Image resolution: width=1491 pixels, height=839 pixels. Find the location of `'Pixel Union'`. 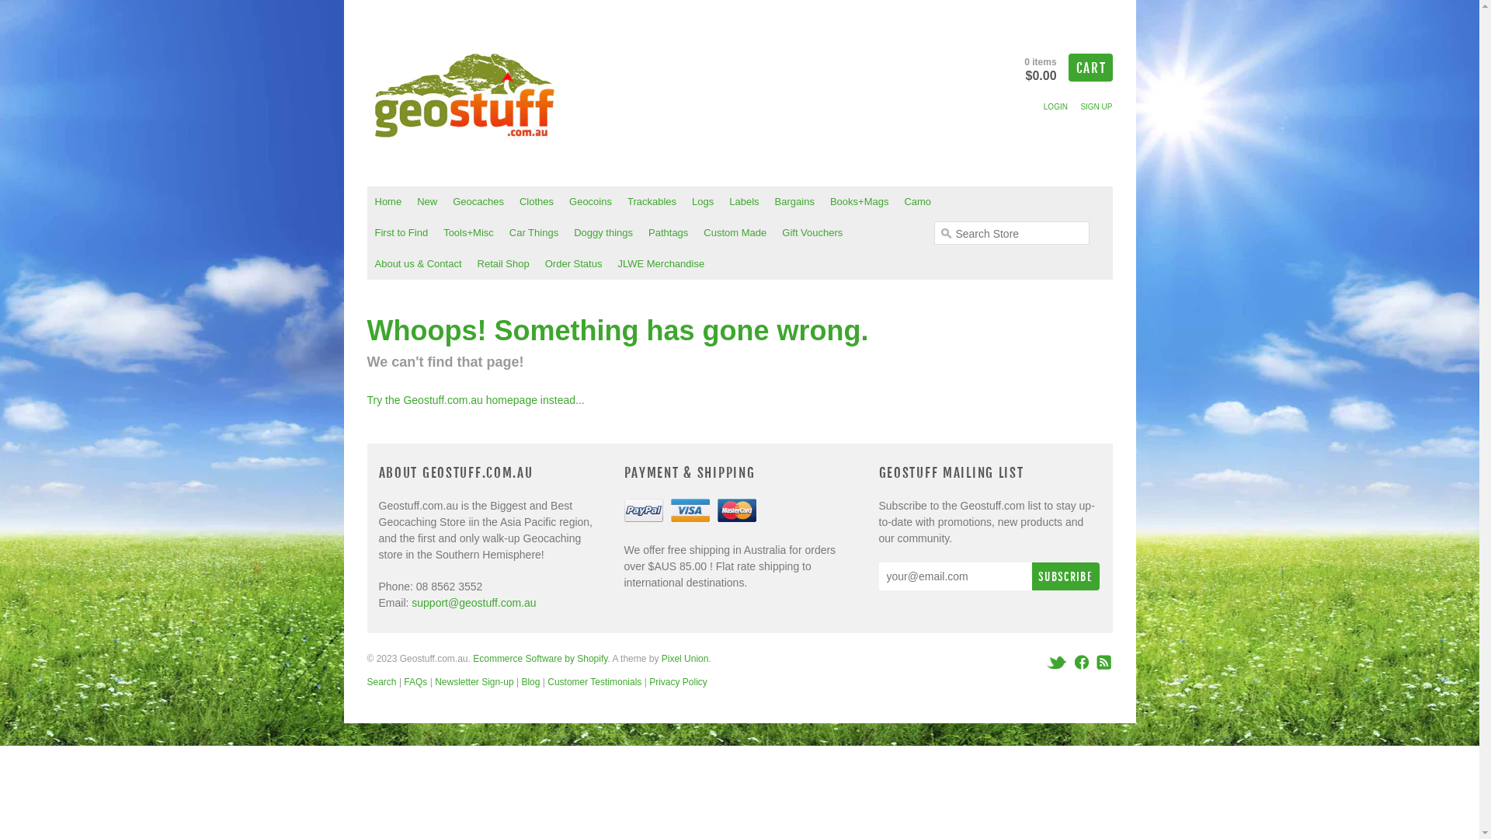

'Pixel Union' is located at coordinates (684, 659).